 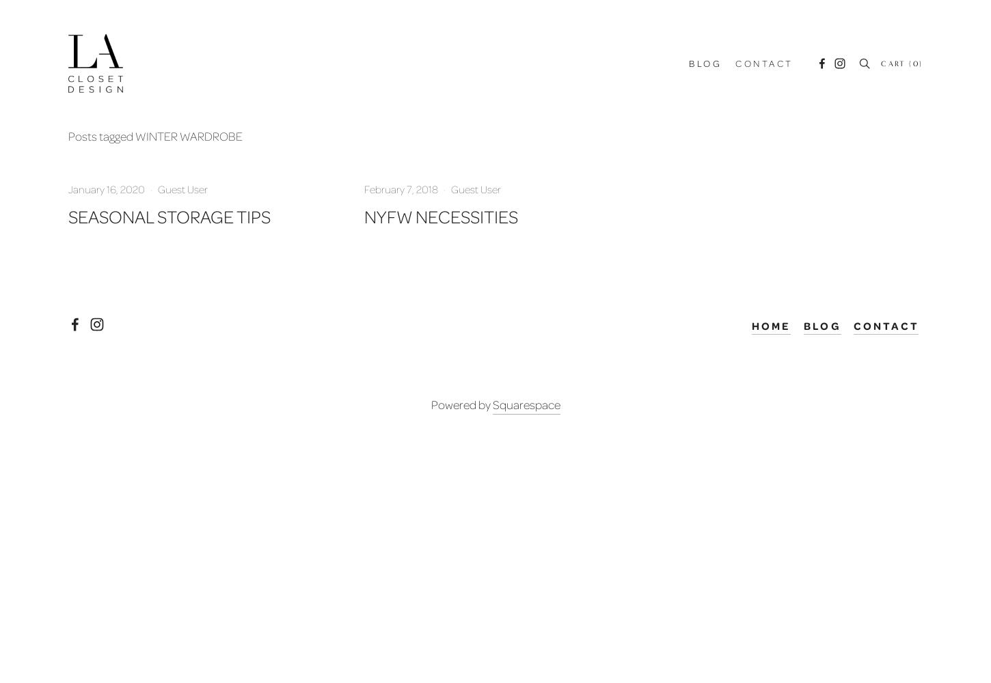 I want to click on 'Powered by', so click(x=460, y=403).